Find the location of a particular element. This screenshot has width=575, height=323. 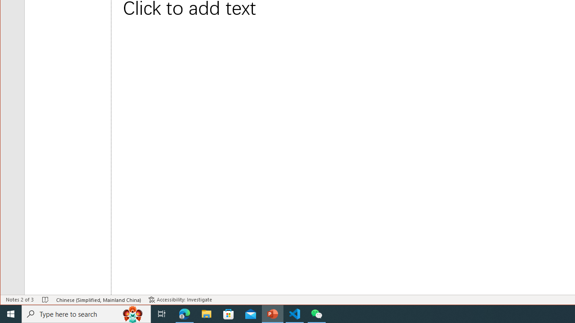

'Microsoft Store' is located at coordinates (229, 313).